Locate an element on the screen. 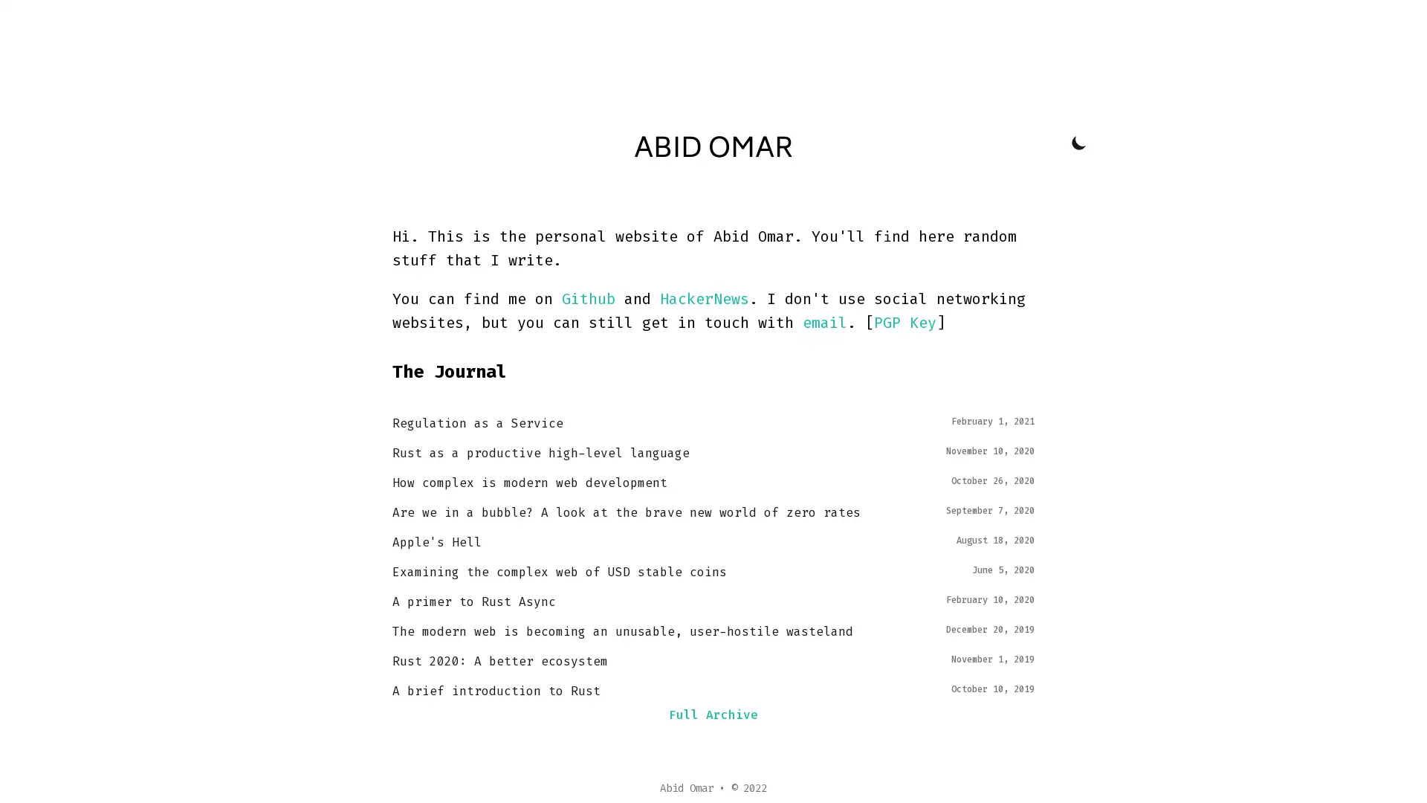 The image size is (1427, 803). Toggle Dark Mode is located at coordinates (1078, 143).